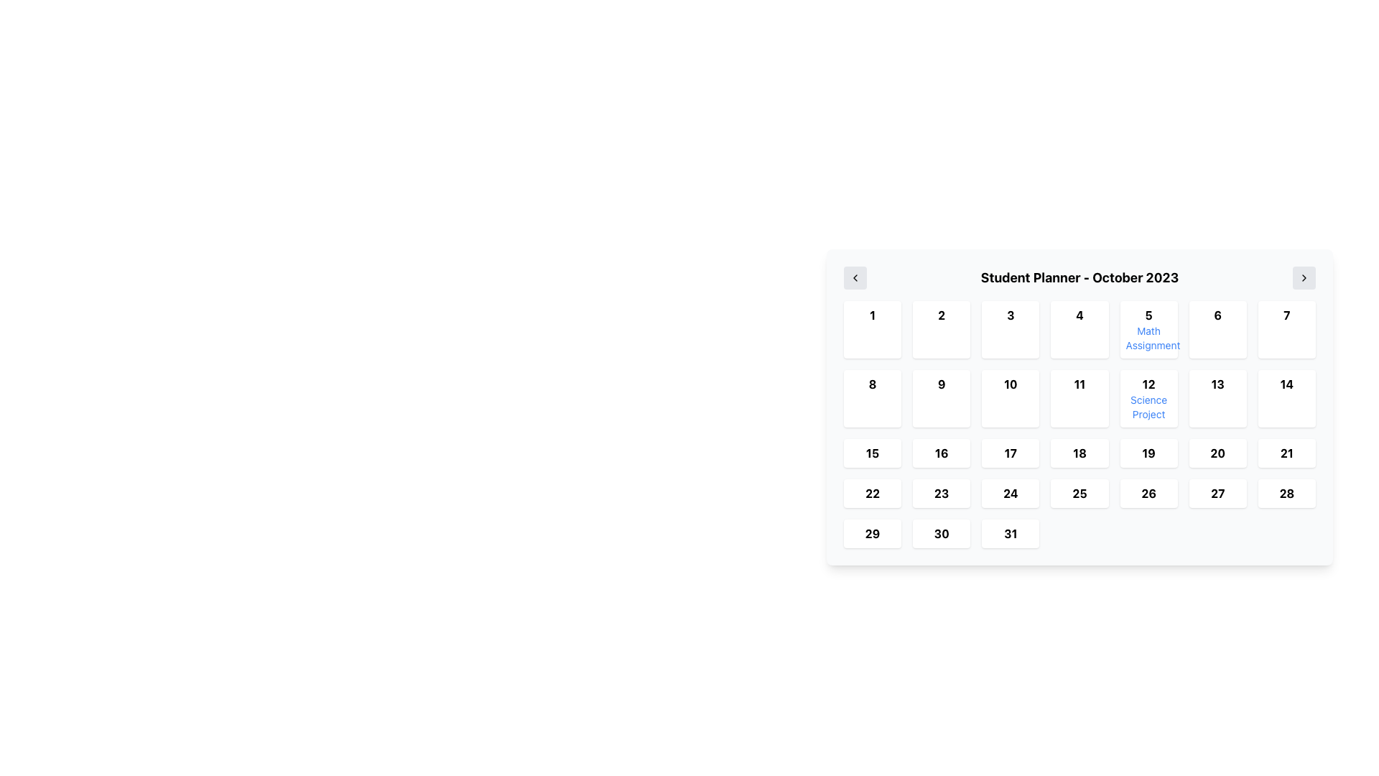 This screenshot has height=776, width=1379. I want to click on the Calendar Day Block containing the text '5' and 'Math Assignment', which is, so click(1147, 330).